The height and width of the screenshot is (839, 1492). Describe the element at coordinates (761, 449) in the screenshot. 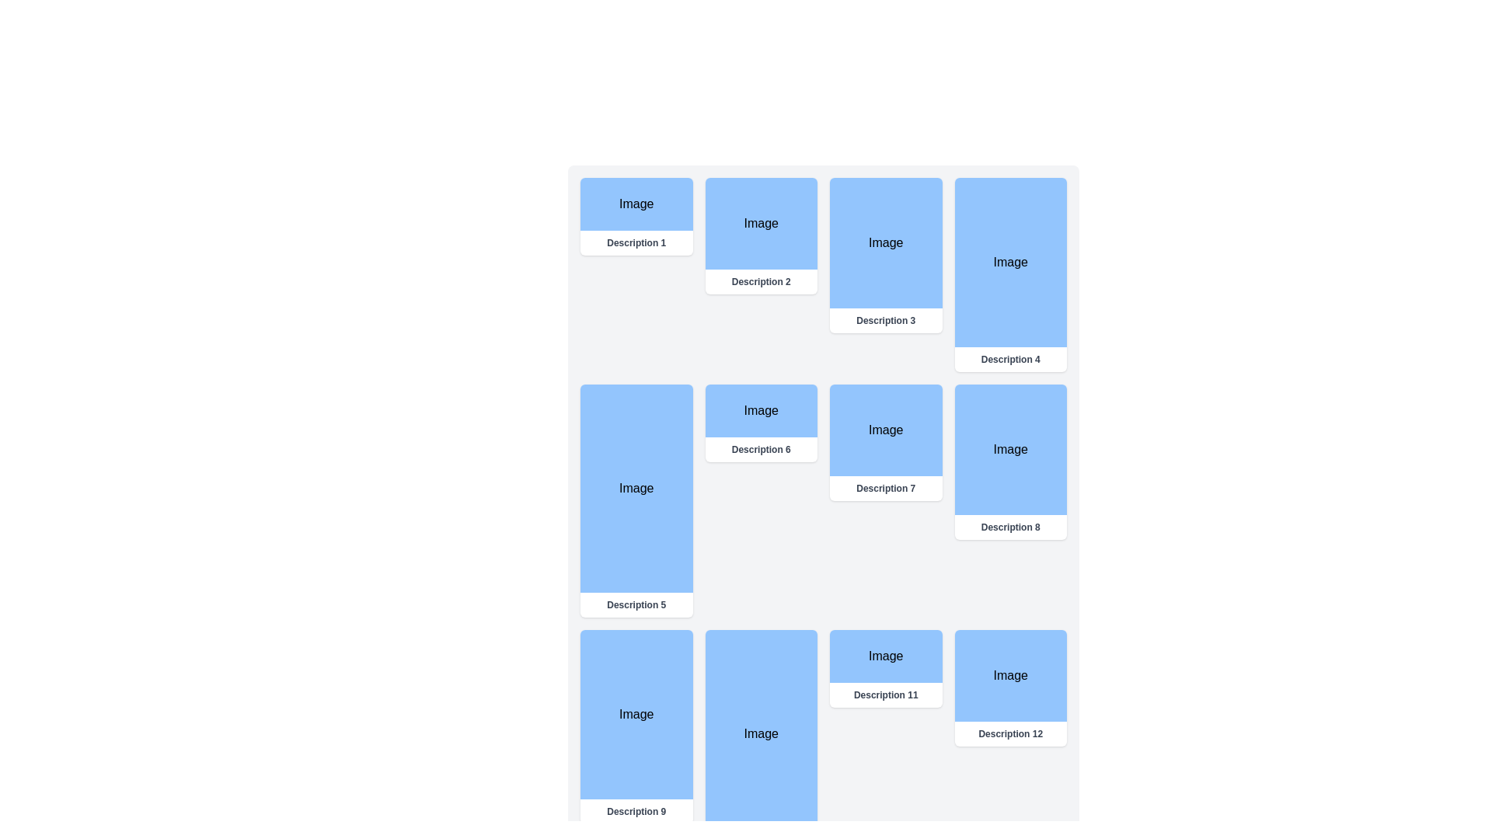

I see `the Text label that provides a description for the image above it, located in the second row and second column of the grid layout` at that location.